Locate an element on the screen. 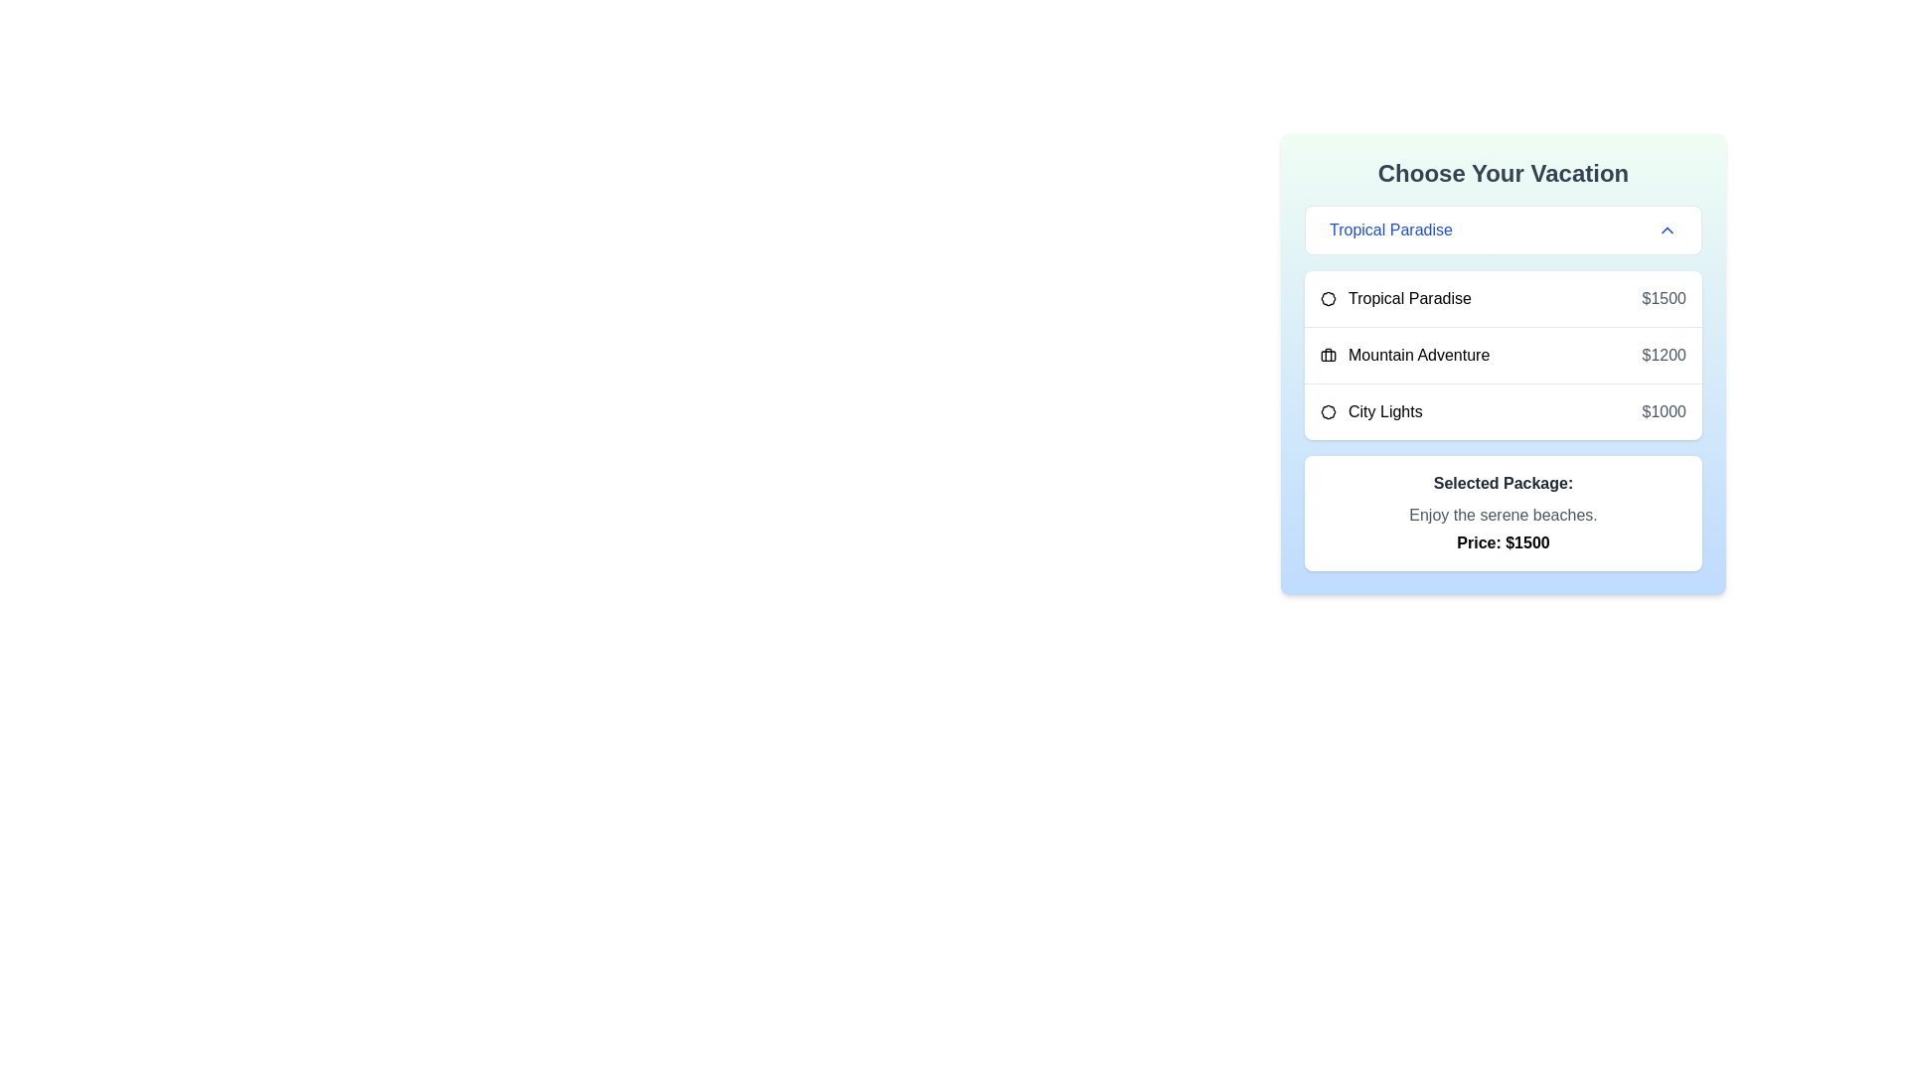  the badge icon element, which is a graphical vector shape resembling a badge, centrally positioned before the text 'Tropical Paradise' in the dropdown menu is located at coordinates (1328, 298).